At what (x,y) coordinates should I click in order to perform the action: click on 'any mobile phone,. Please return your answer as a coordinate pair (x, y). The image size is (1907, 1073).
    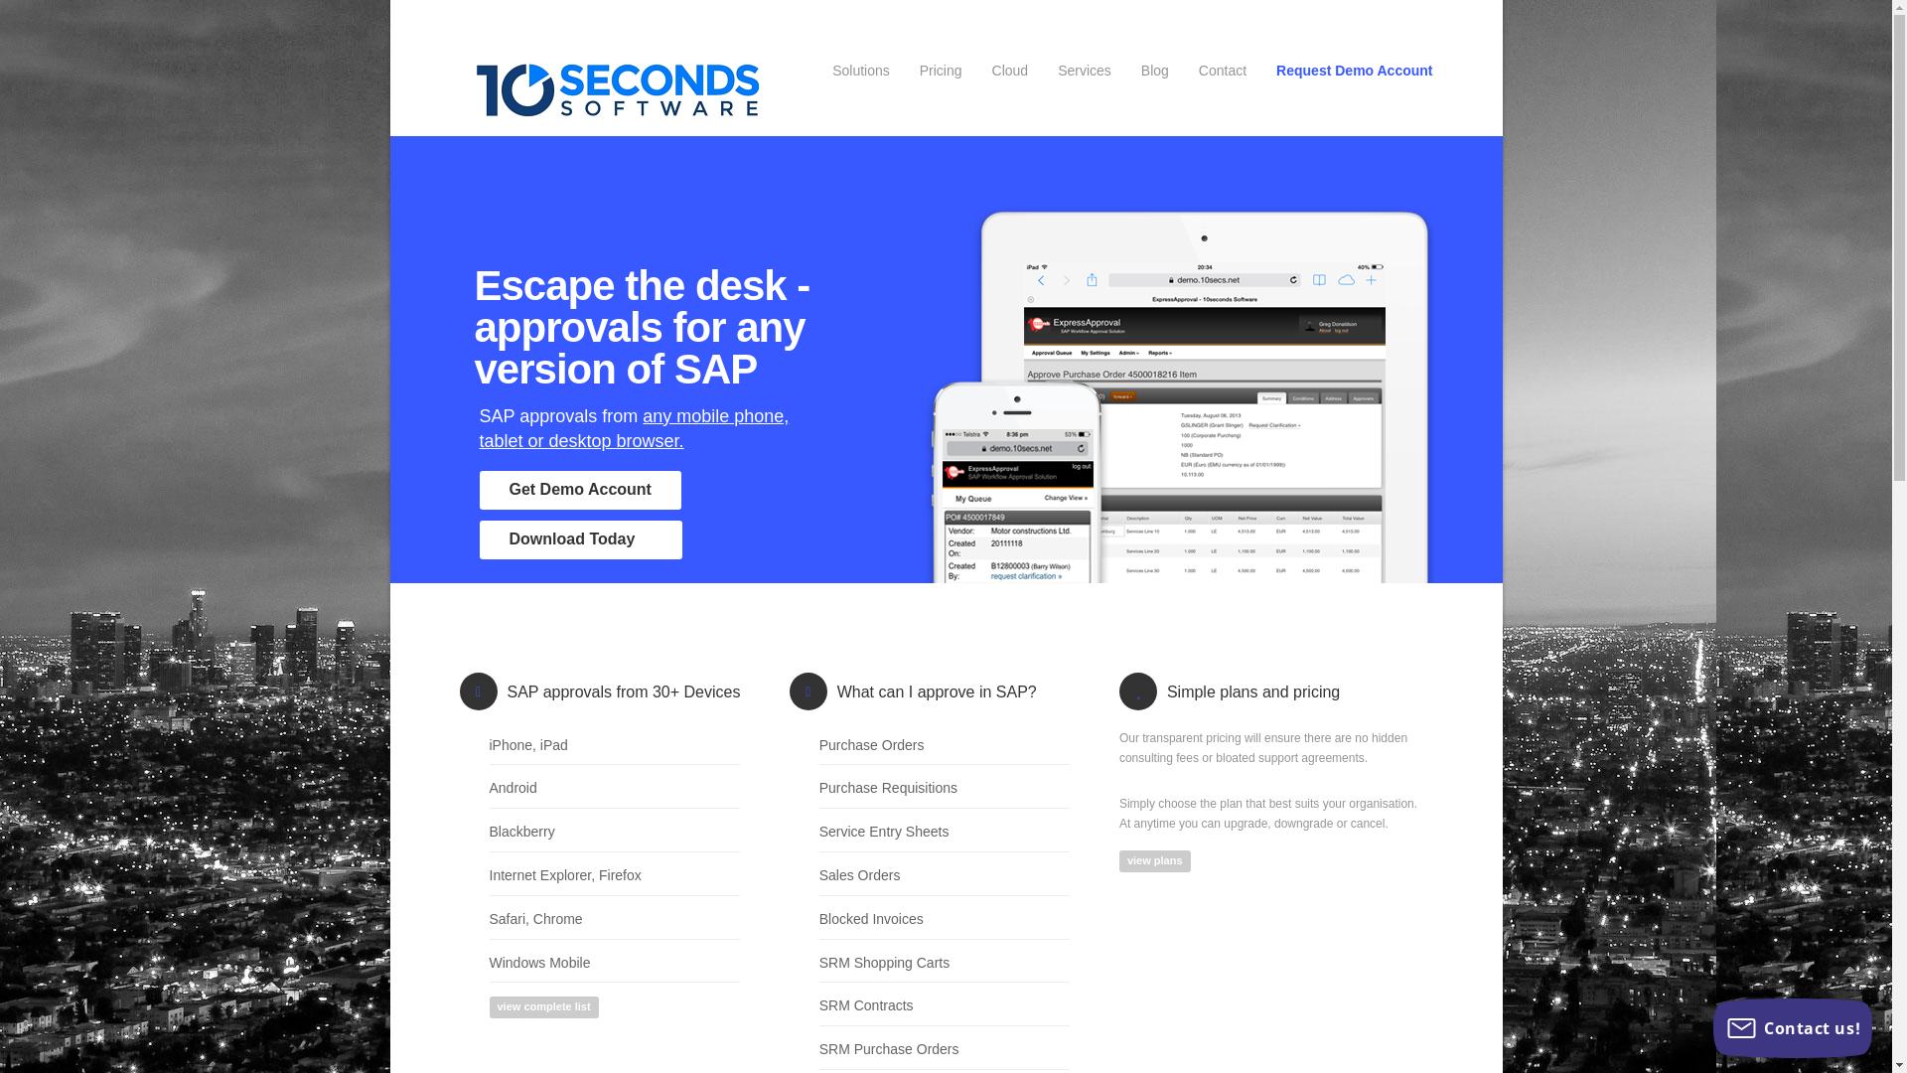
    Looking at the image, I should click on (478, 427).